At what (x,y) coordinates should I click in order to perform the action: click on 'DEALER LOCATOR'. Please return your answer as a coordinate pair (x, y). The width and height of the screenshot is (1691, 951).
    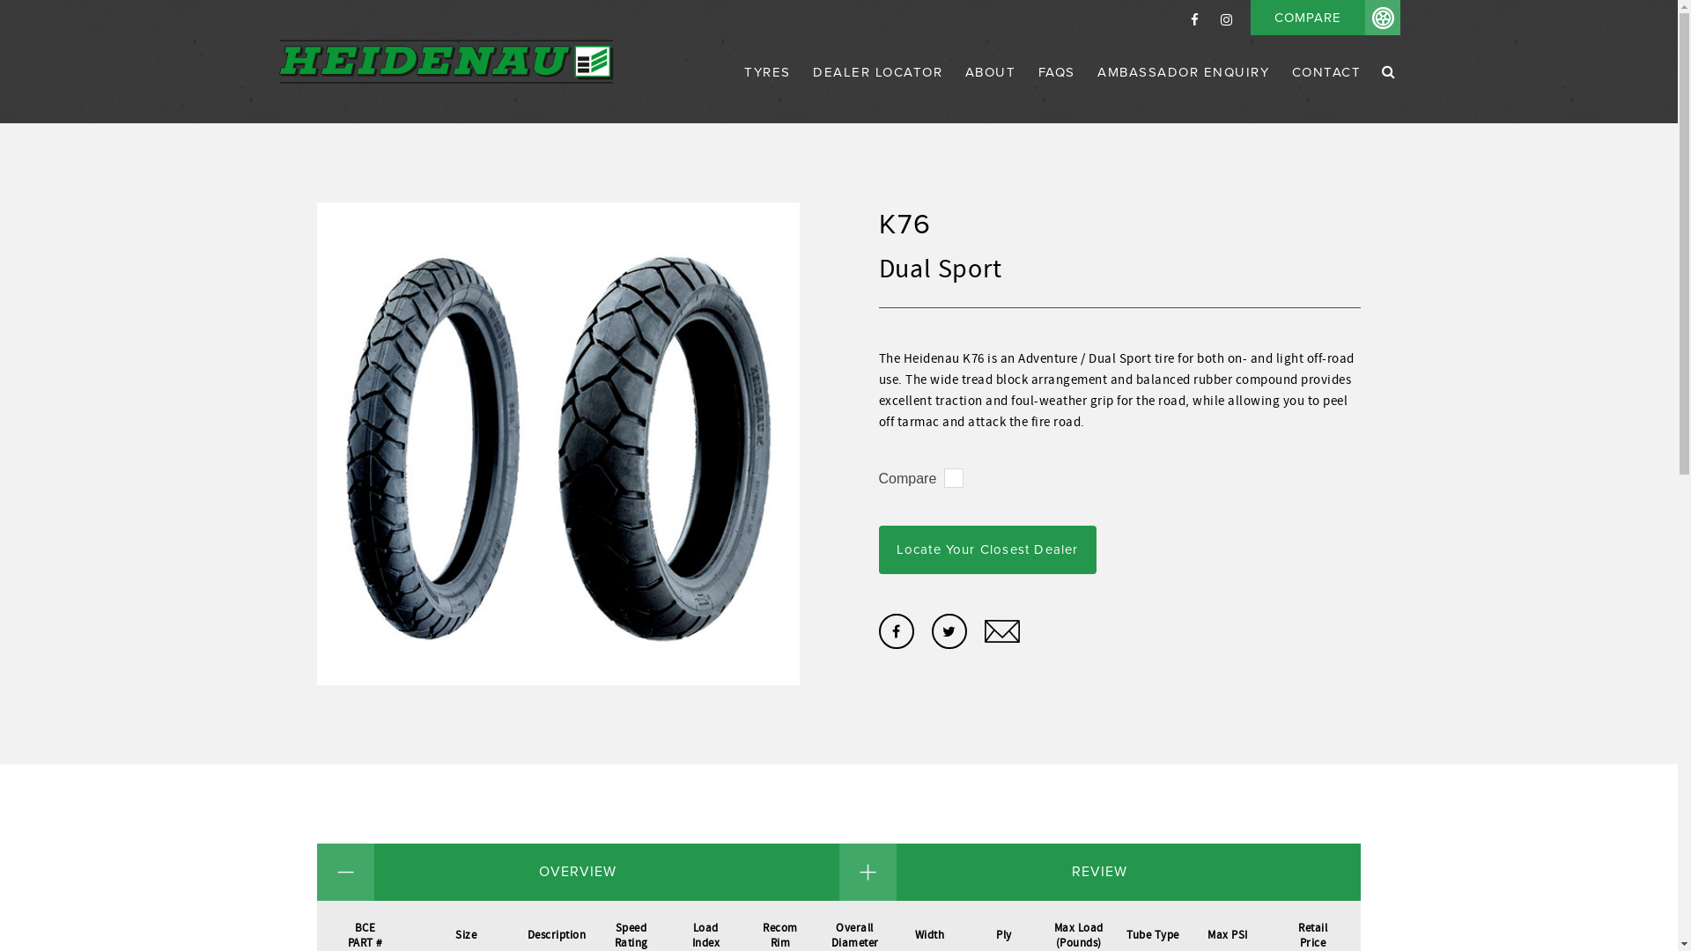
    Looking at the image, I should click on (877, 92).